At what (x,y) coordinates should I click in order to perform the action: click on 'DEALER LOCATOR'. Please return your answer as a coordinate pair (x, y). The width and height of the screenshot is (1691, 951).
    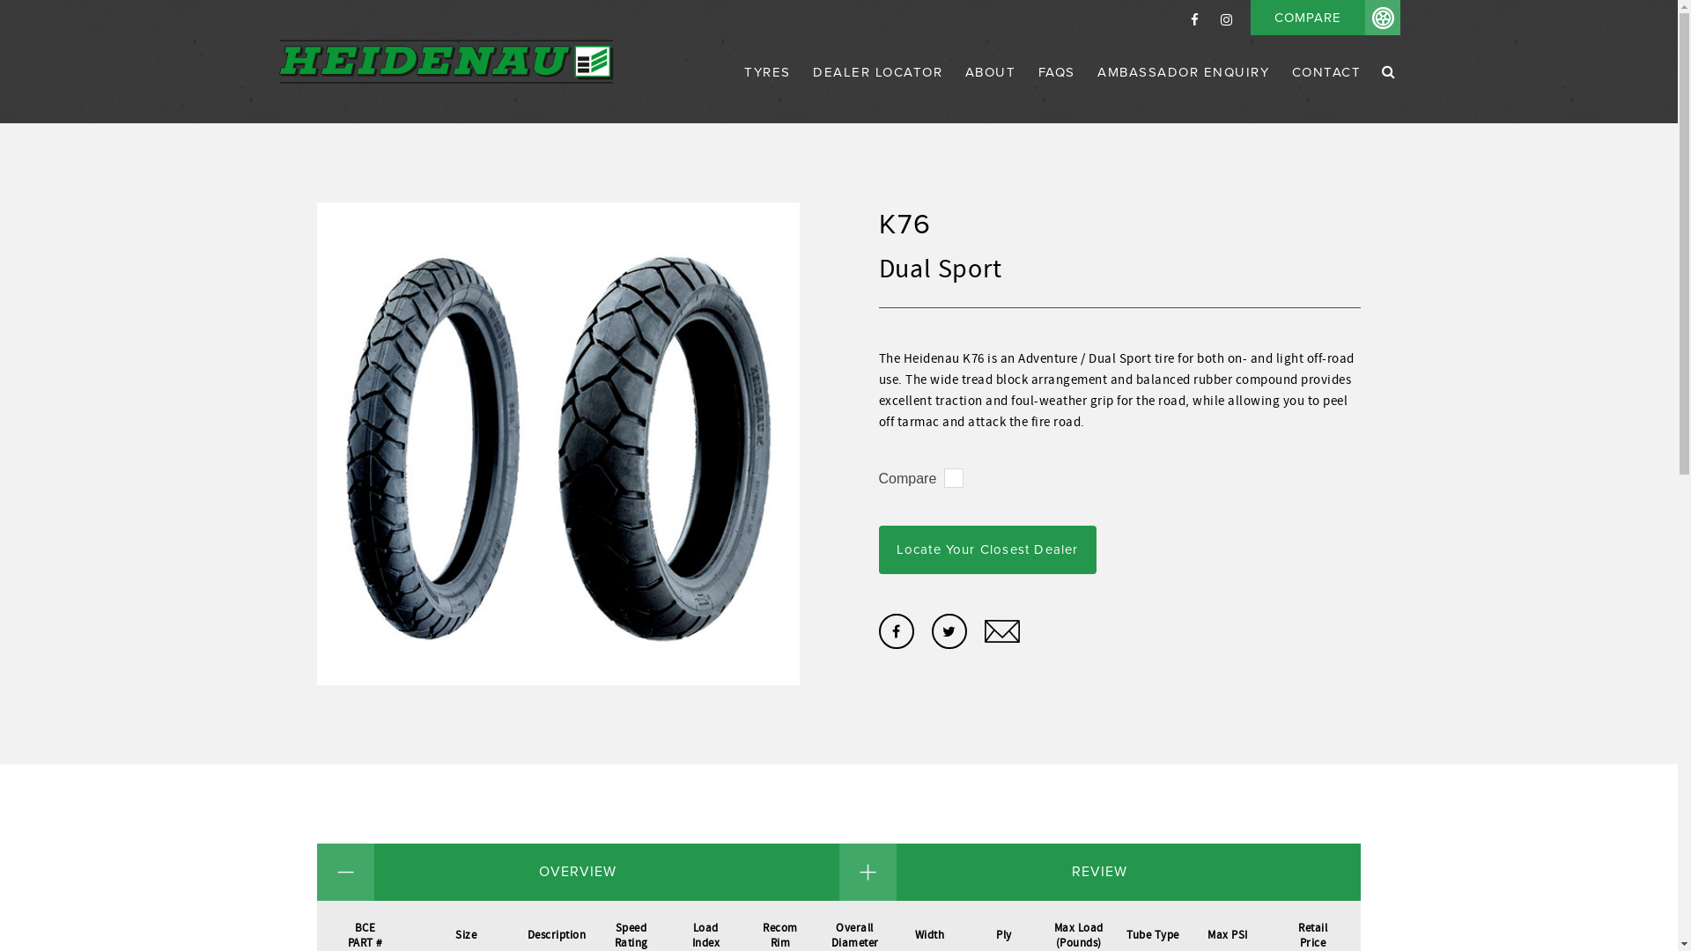
    Looking at the image, I should click on (877, 92).